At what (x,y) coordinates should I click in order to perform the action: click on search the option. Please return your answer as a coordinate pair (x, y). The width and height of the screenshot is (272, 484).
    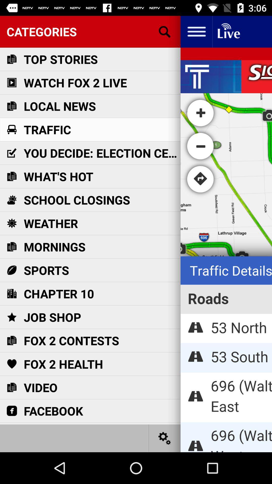
    Looking at the image, I should click on (165, 31).